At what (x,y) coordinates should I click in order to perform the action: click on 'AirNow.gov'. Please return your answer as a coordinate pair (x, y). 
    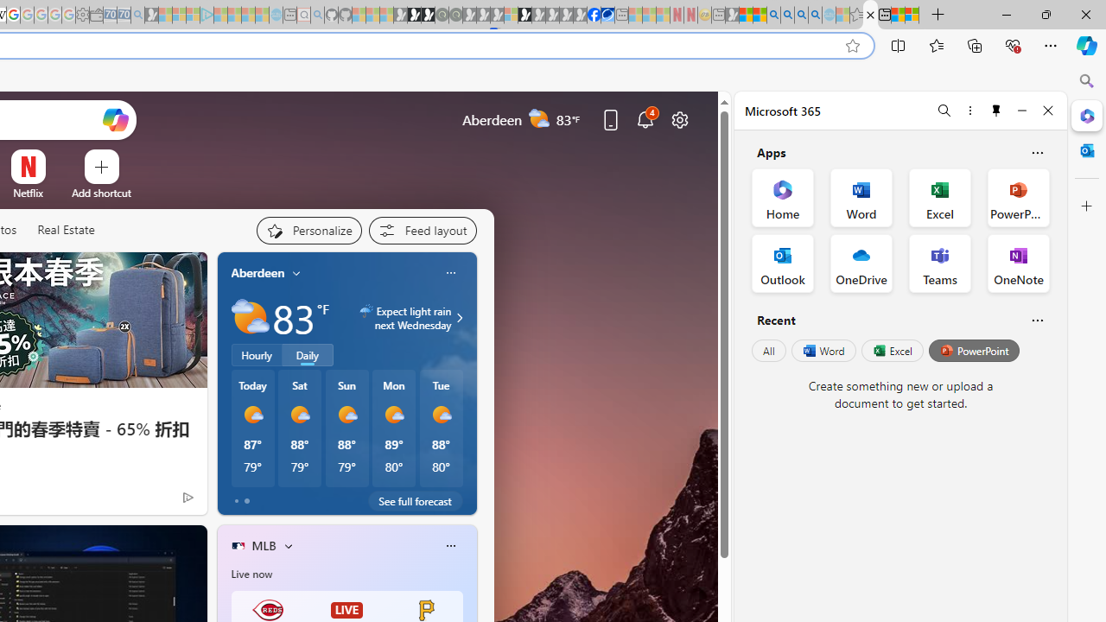
    Looking at the image, I should click on (607, 15).